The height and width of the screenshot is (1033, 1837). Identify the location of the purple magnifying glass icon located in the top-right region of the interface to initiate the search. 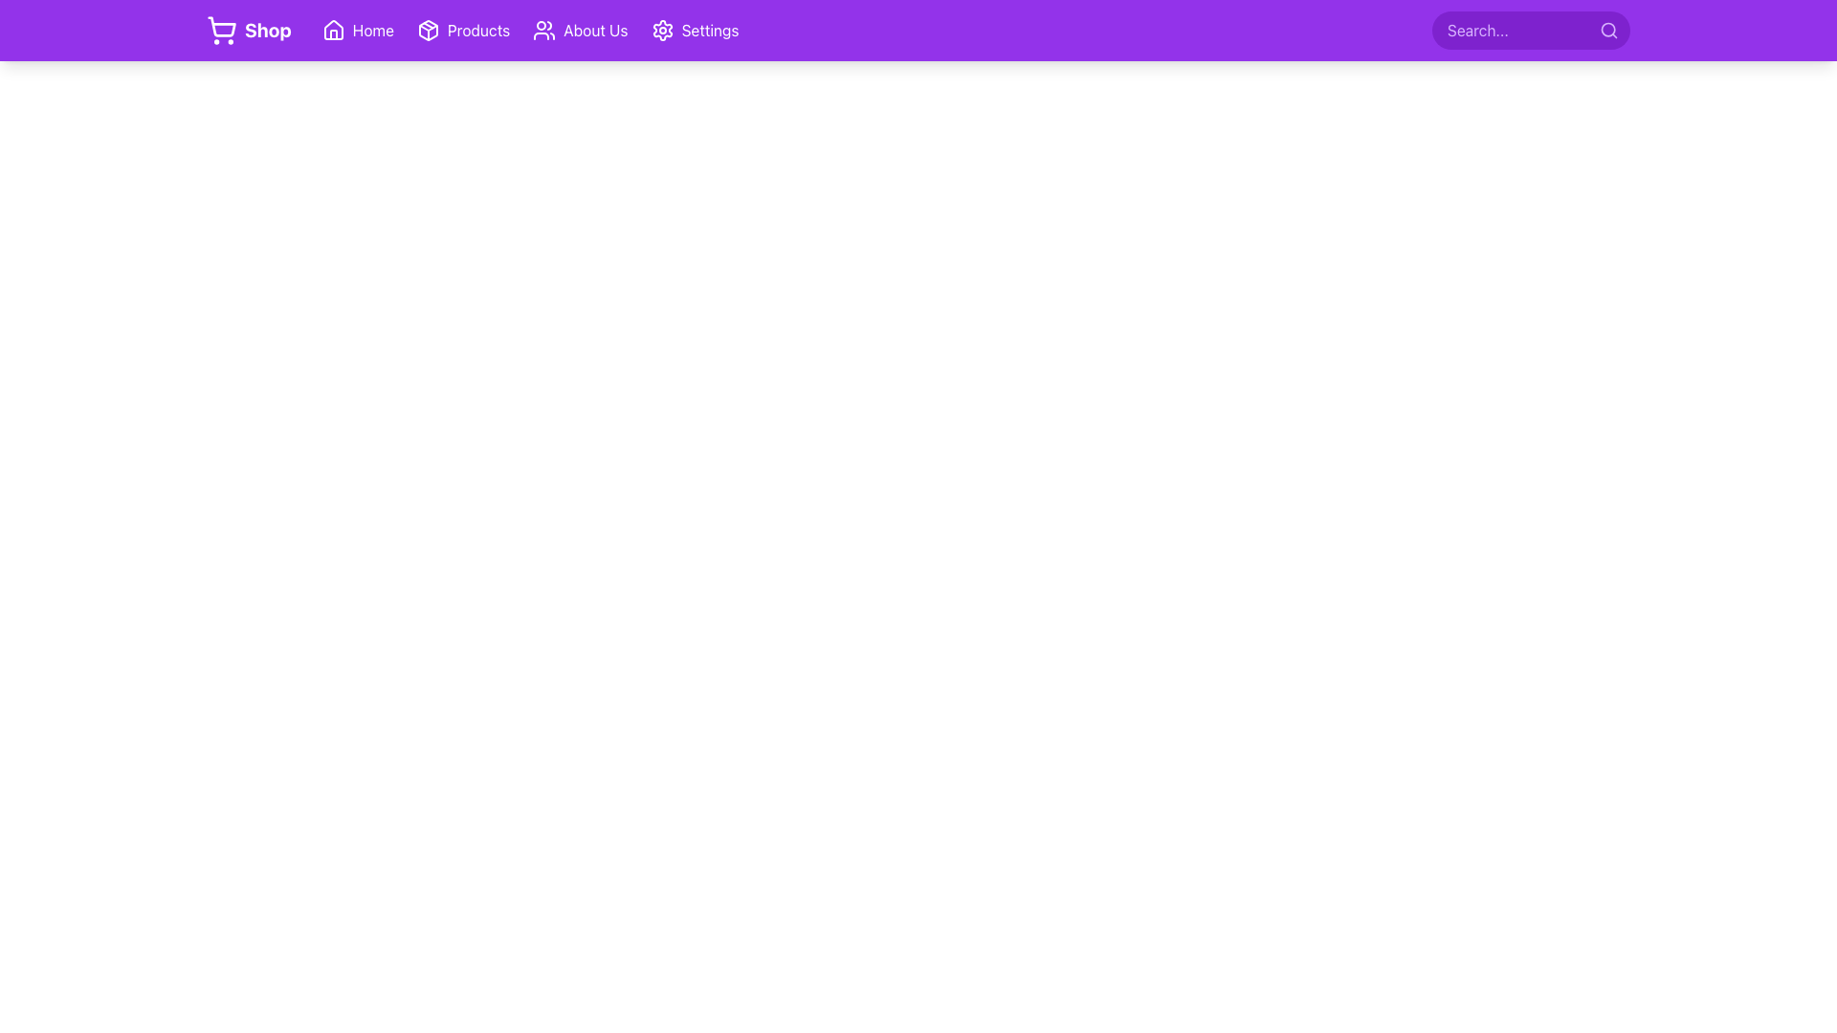
(1607, 30).